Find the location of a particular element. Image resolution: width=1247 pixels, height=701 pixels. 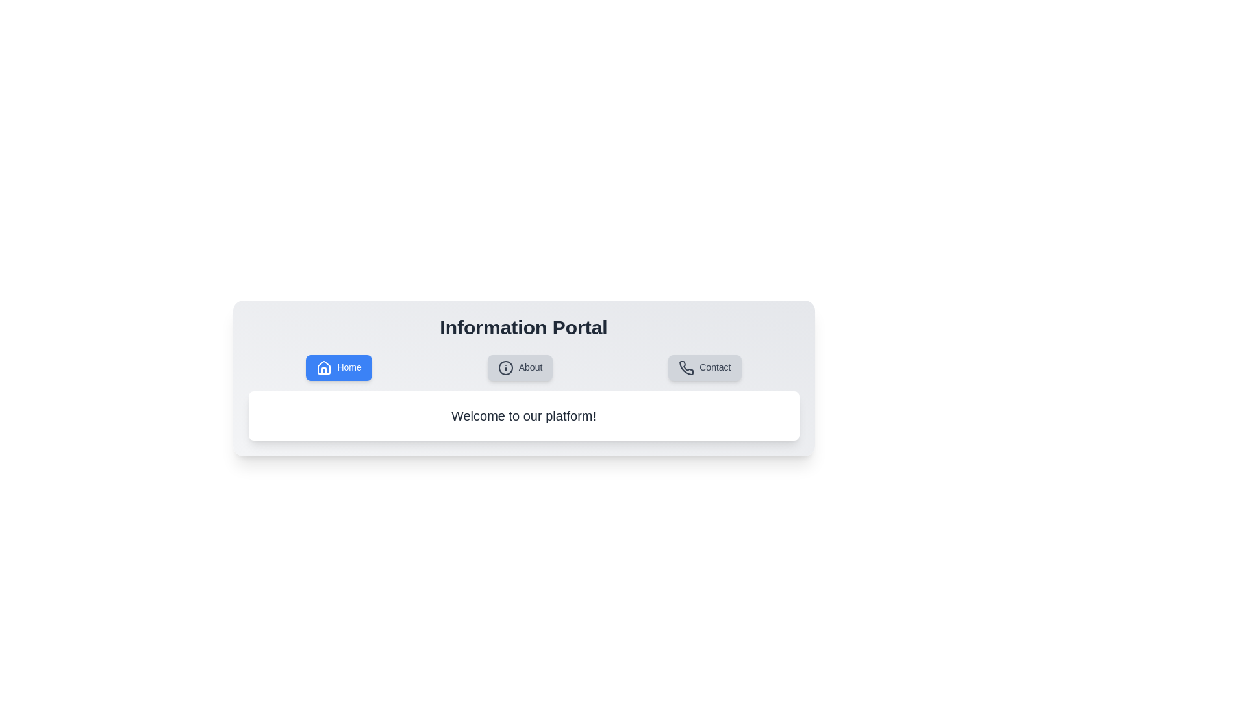

the visual attributes of the circular SVG element that symbolizes information, which is part of the 'About' button located between the 'home' and 'contact' buttons is located at coordinates (505, 368).